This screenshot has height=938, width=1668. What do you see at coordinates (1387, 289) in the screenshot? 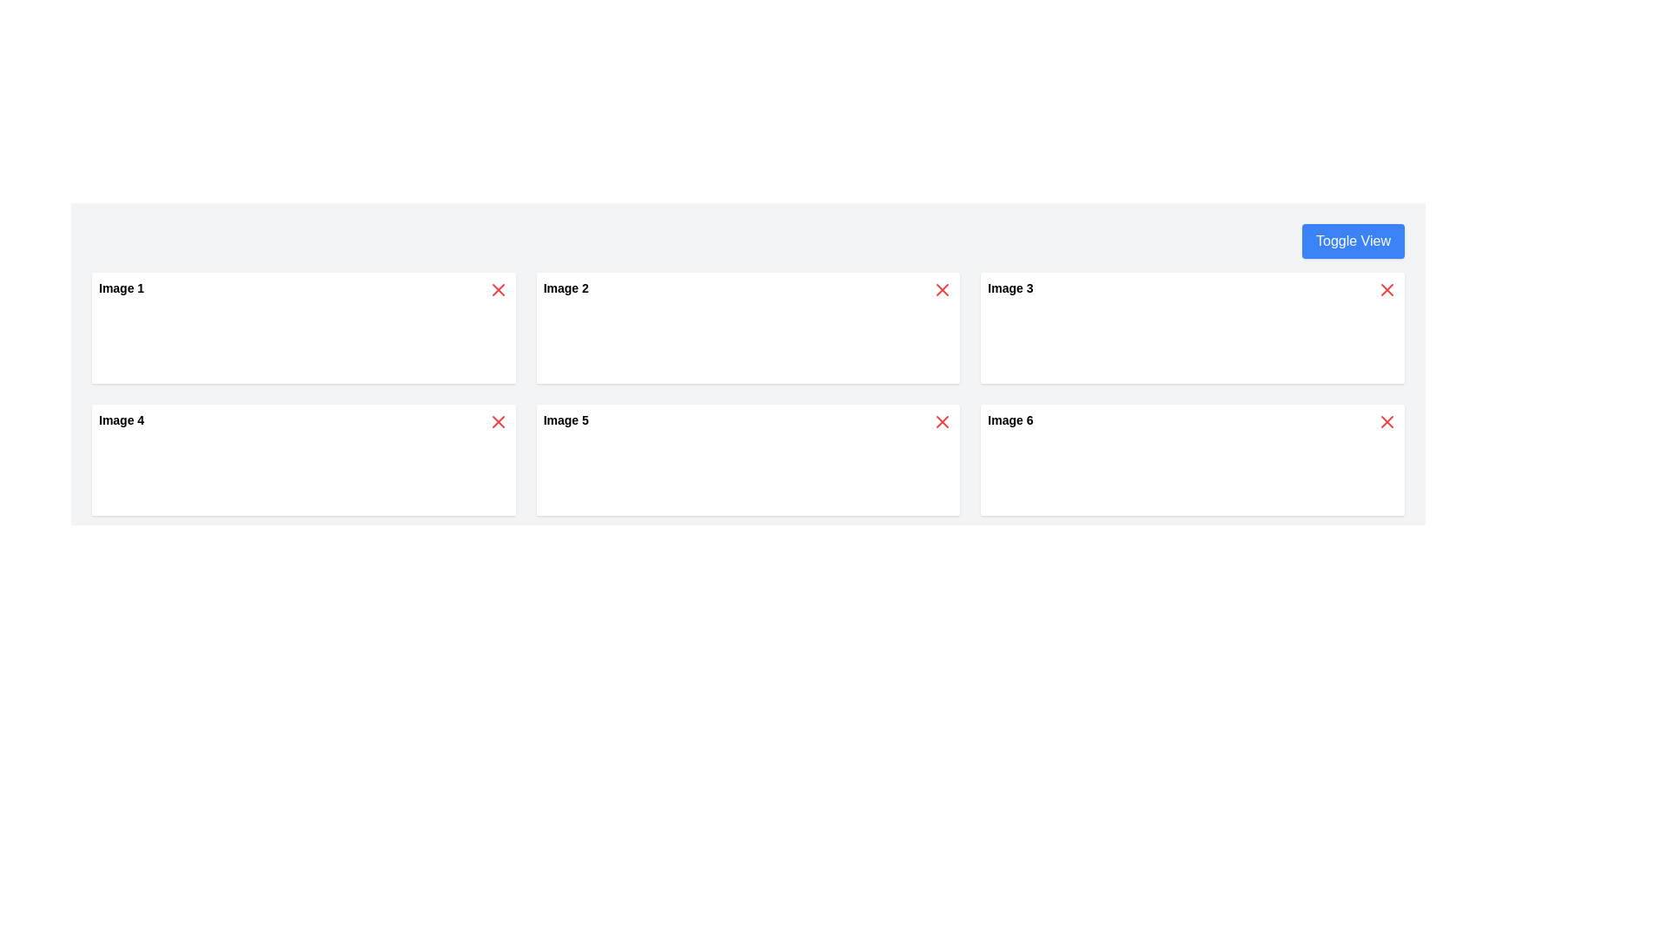
I see `the small red 'X' button located at the top-right corner of the box containing the text 'Image 3' to potentially open a context menu` at bounding box center [1387, 289].